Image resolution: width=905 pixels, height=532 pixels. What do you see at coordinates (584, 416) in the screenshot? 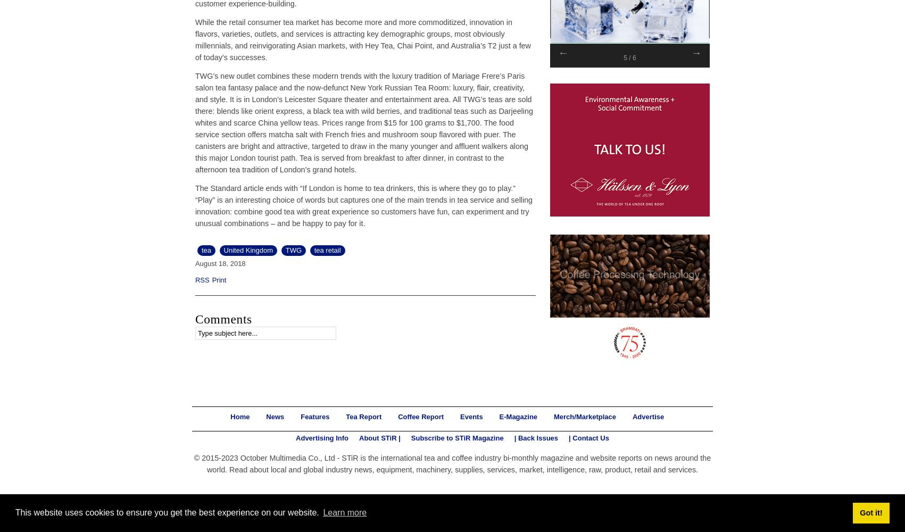
I see `'Merch/Marketplace'` at bounding box center [584, 416].